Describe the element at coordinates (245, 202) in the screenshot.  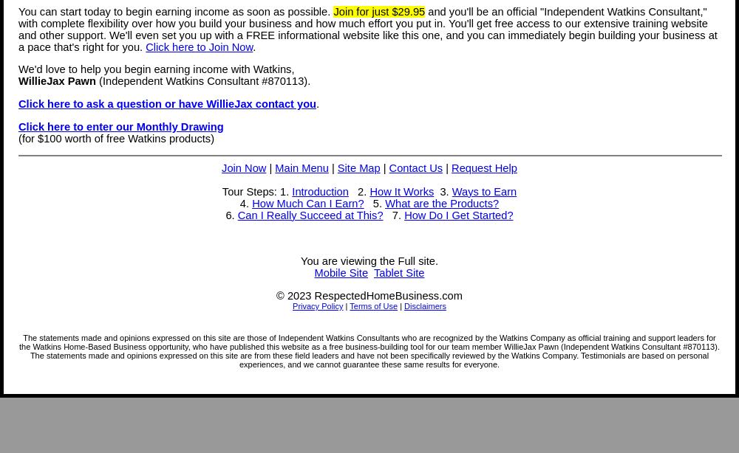
I see `'4.'` at that location.